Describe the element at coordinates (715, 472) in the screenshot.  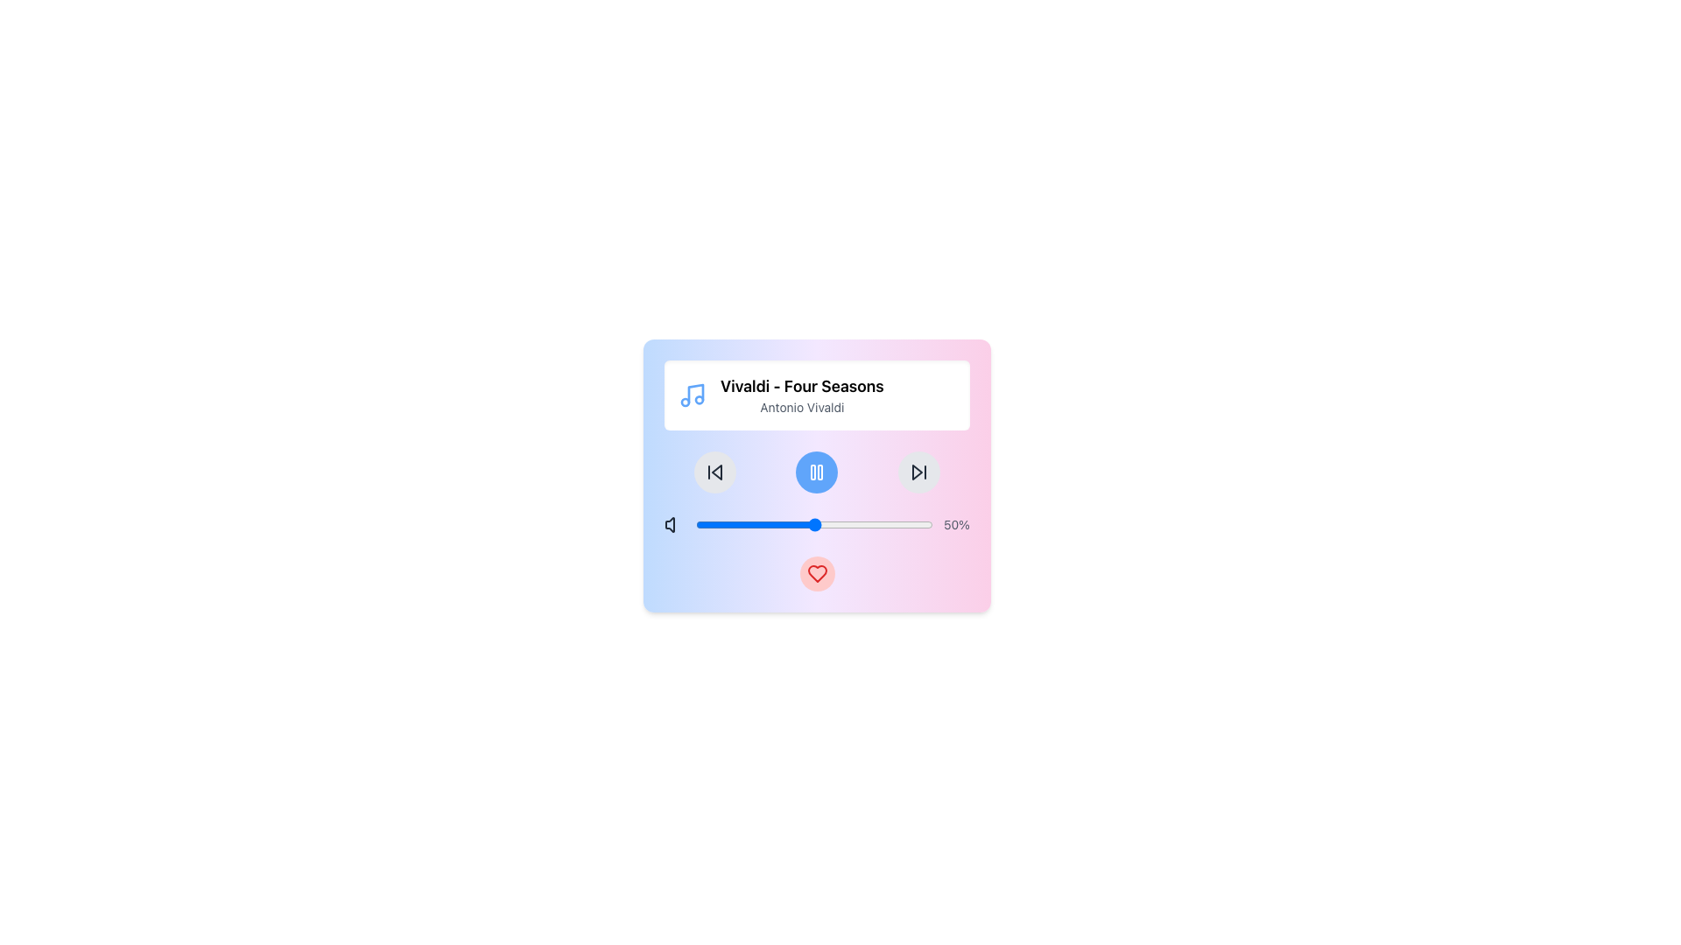
I see `the skip-backward icon button in the music player interface` at that location.